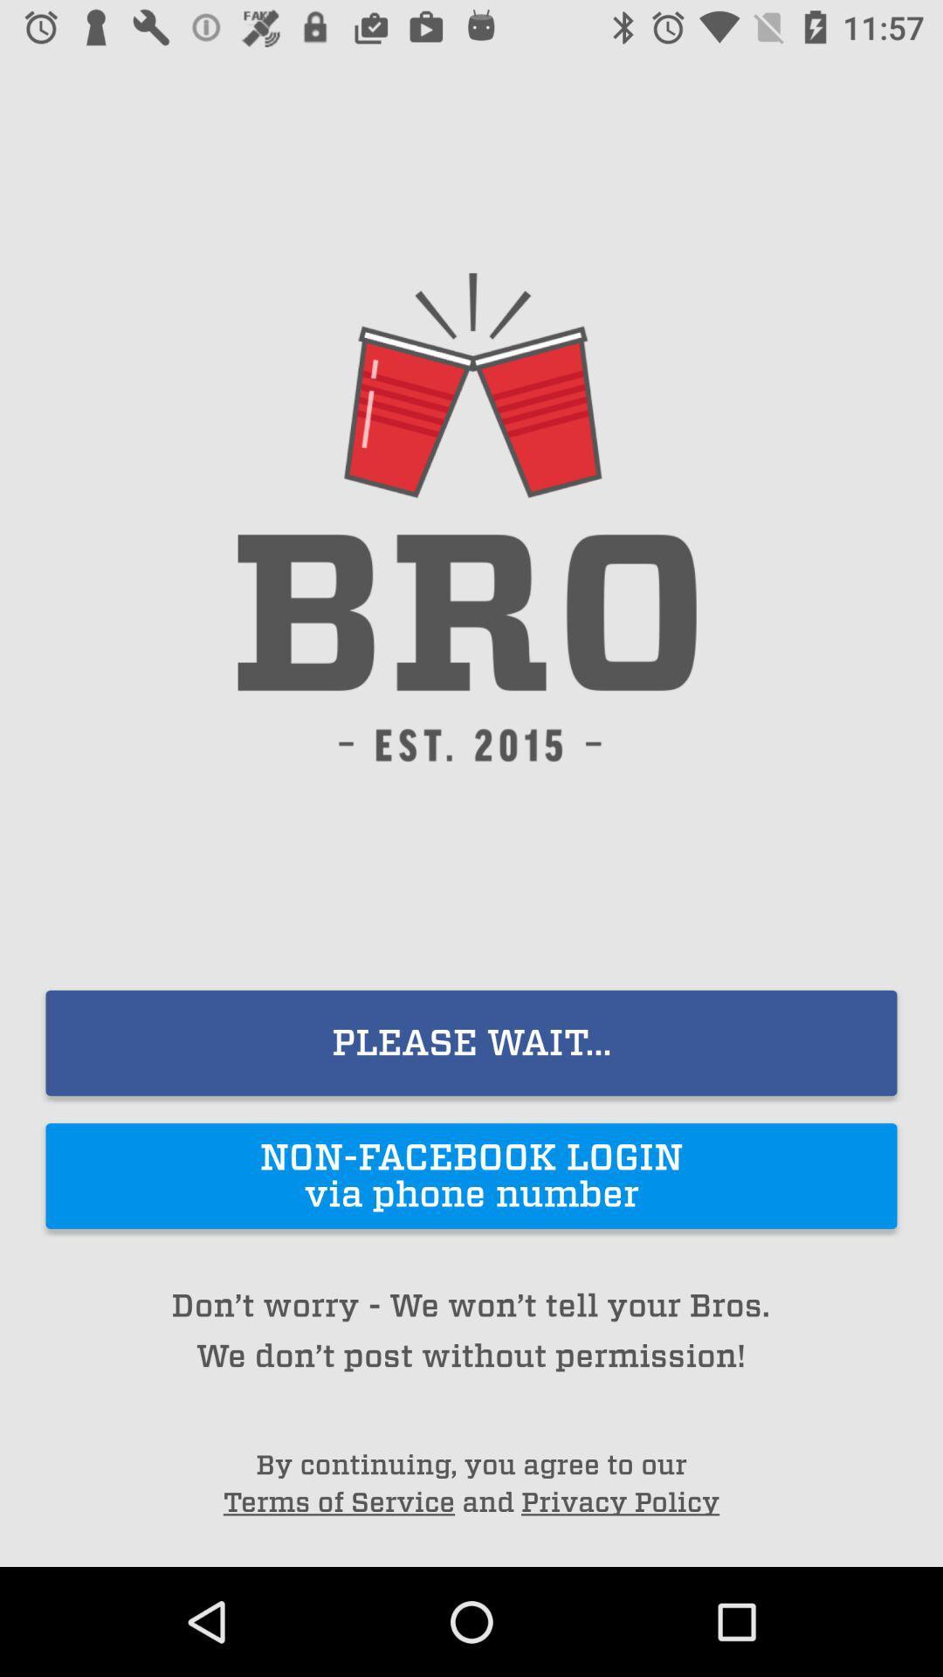  Describe the element at coordinates (471, 1043) in the screenshot. I see `the item above the non facebook login` at that location.